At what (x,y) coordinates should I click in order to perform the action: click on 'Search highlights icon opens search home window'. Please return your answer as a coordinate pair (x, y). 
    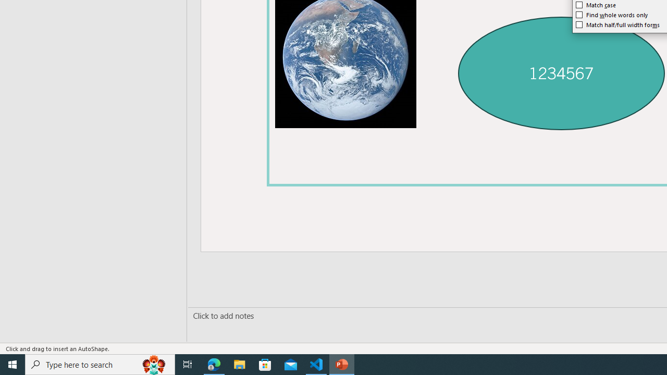
    Looking at the image, I should click on (153, 364).